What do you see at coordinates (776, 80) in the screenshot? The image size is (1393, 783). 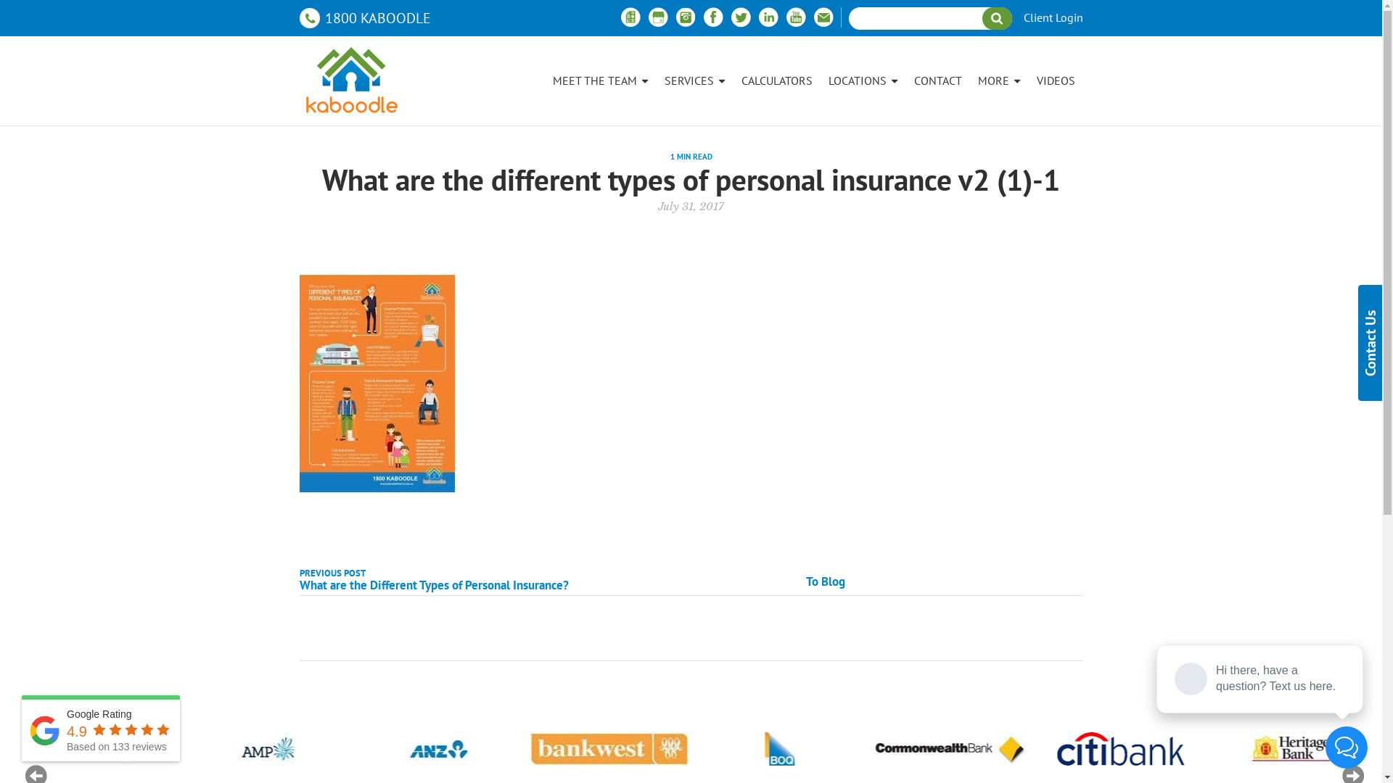 I see `'CALCULATORS'` at bounding box center [776, 80].